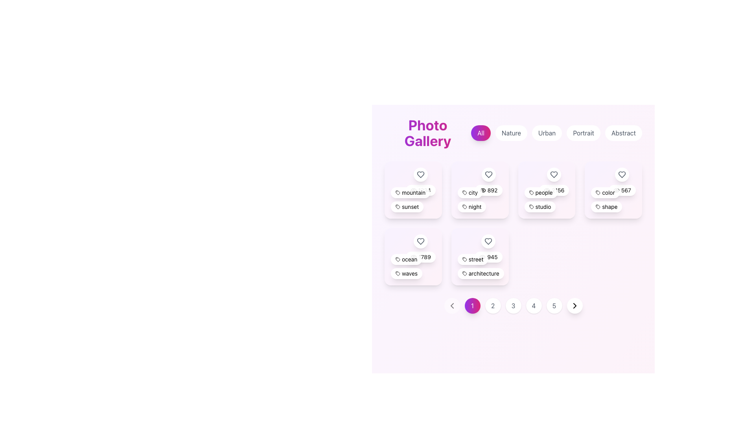  I want to click on the circular button with a white background and the number '3' displayed in grey, so click(513, 305).